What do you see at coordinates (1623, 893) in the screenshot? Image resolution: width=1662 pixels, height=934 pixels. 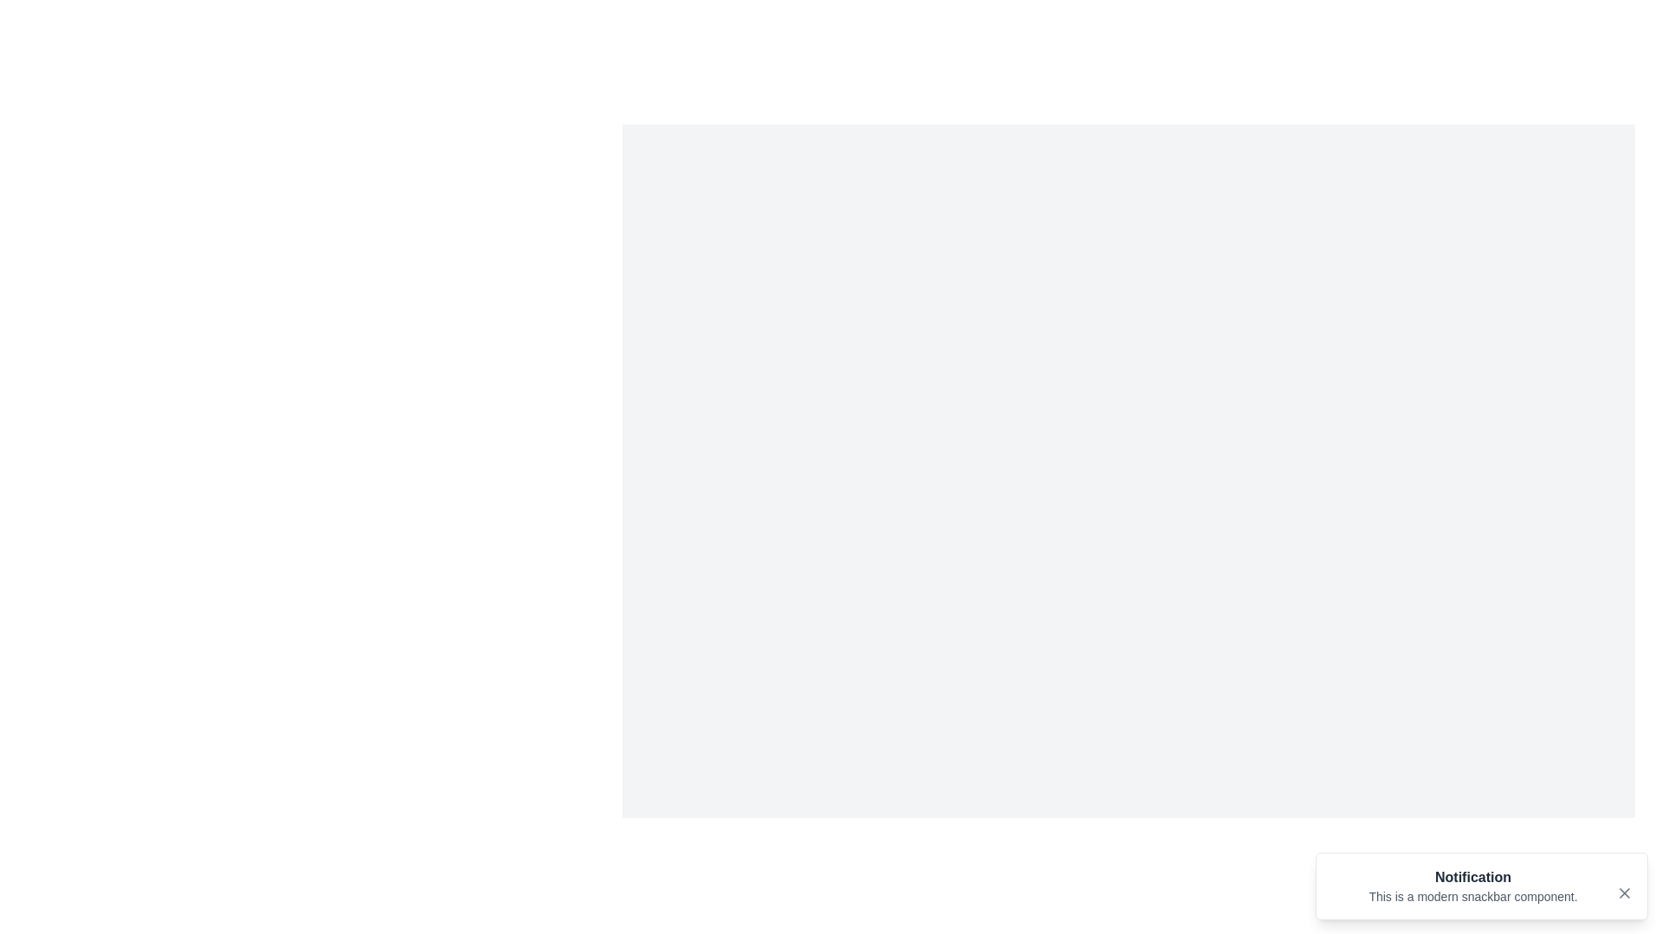 I see `the 'X' icon button in the bottom-right corner of the notification component` at bounding box center [1623, 893].